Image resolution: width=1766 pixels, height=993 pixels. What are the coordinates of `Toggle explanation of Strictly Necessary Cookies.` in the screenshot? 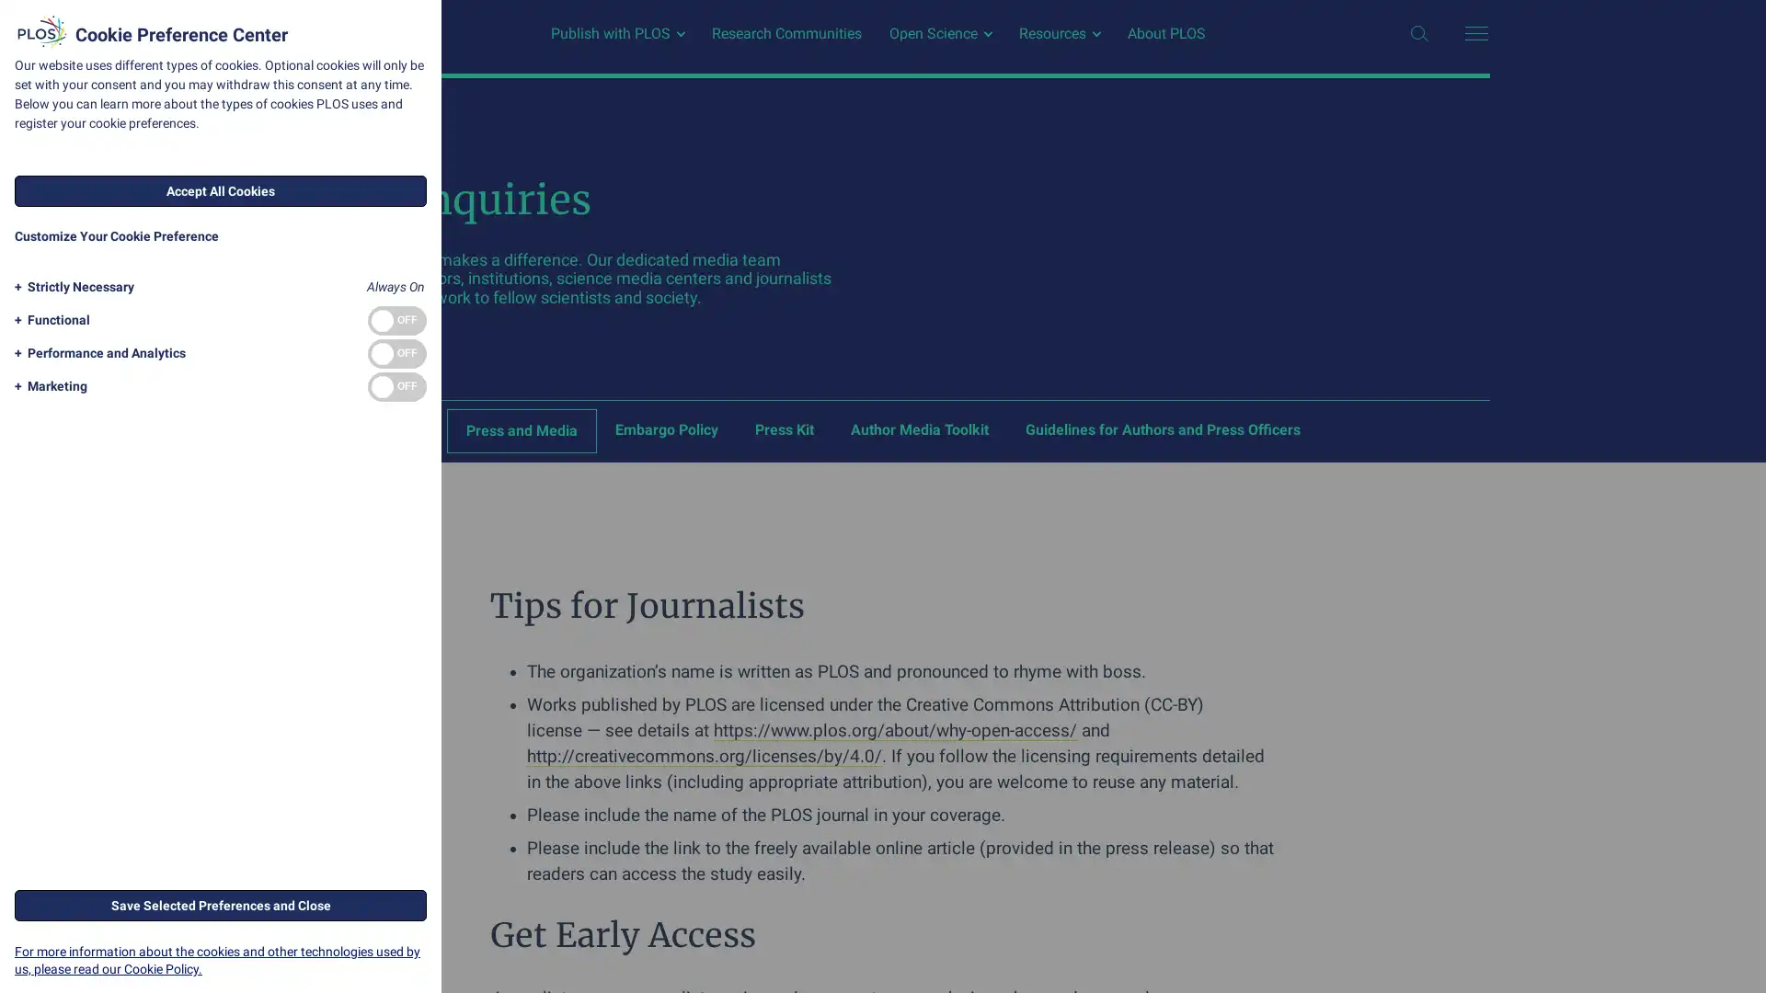 It's located at (71, 287).